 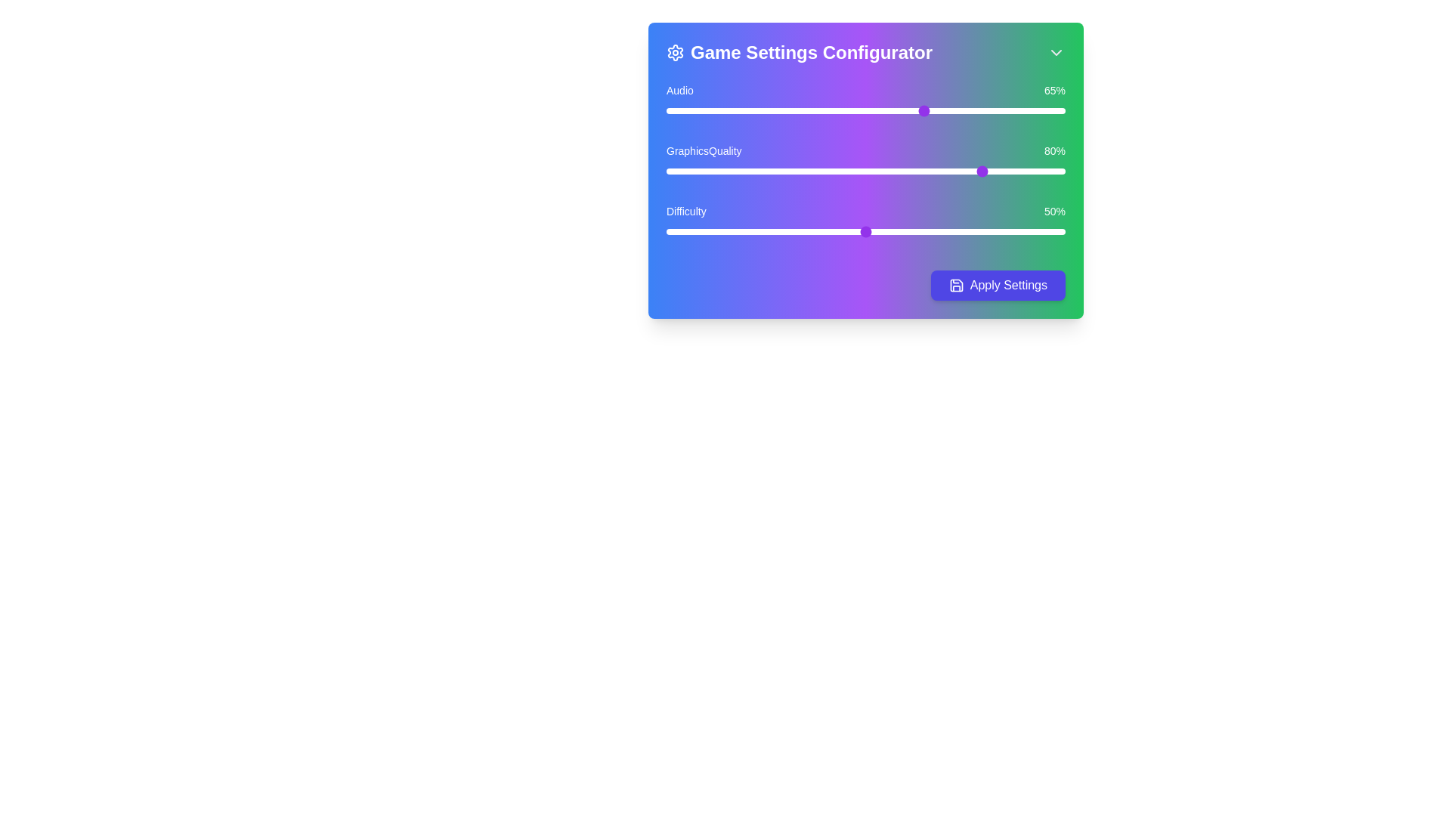 I want to click on the dropdown or collapse action button located in the upper-right corner of the 'Game Settings Configurator' to provide visual feedback, so click(x=1055, y=51).